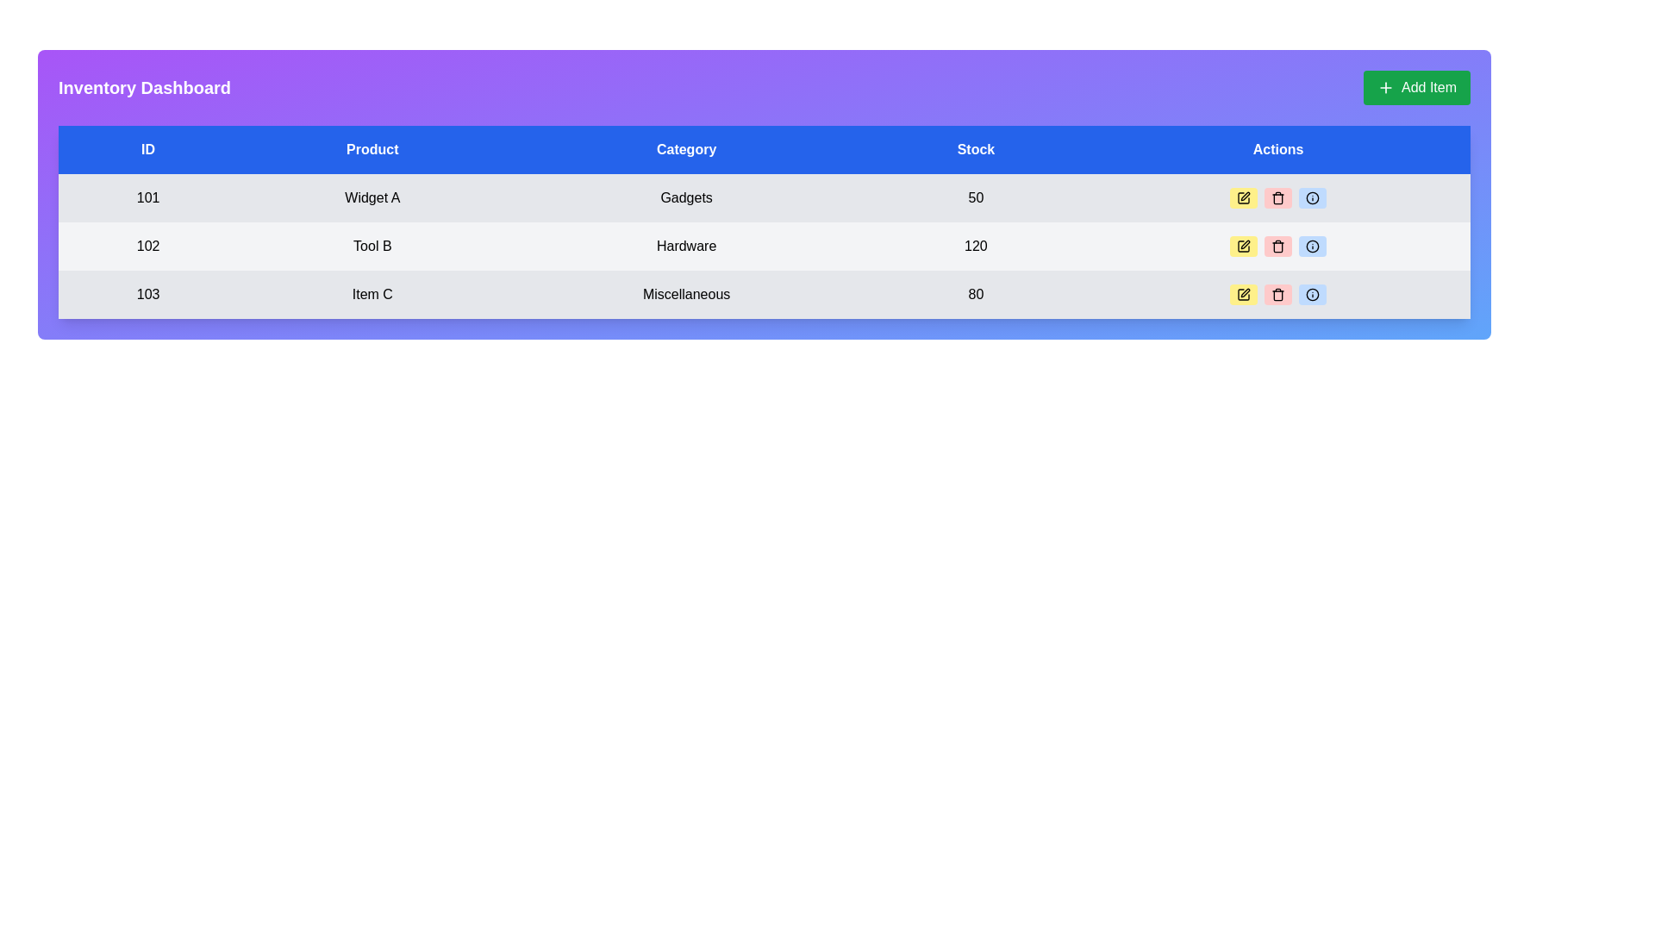 Image resolution: width=1655 pixels, height=931 pixels. What do you see at coordinates (1244, 197) in the screenshot?
I see `the edit action icon located in the 'Actions' column of the first row in the table, which is represented by a square outline and commonly associated with pen or edit actions` at bounding box center [1244, 197].